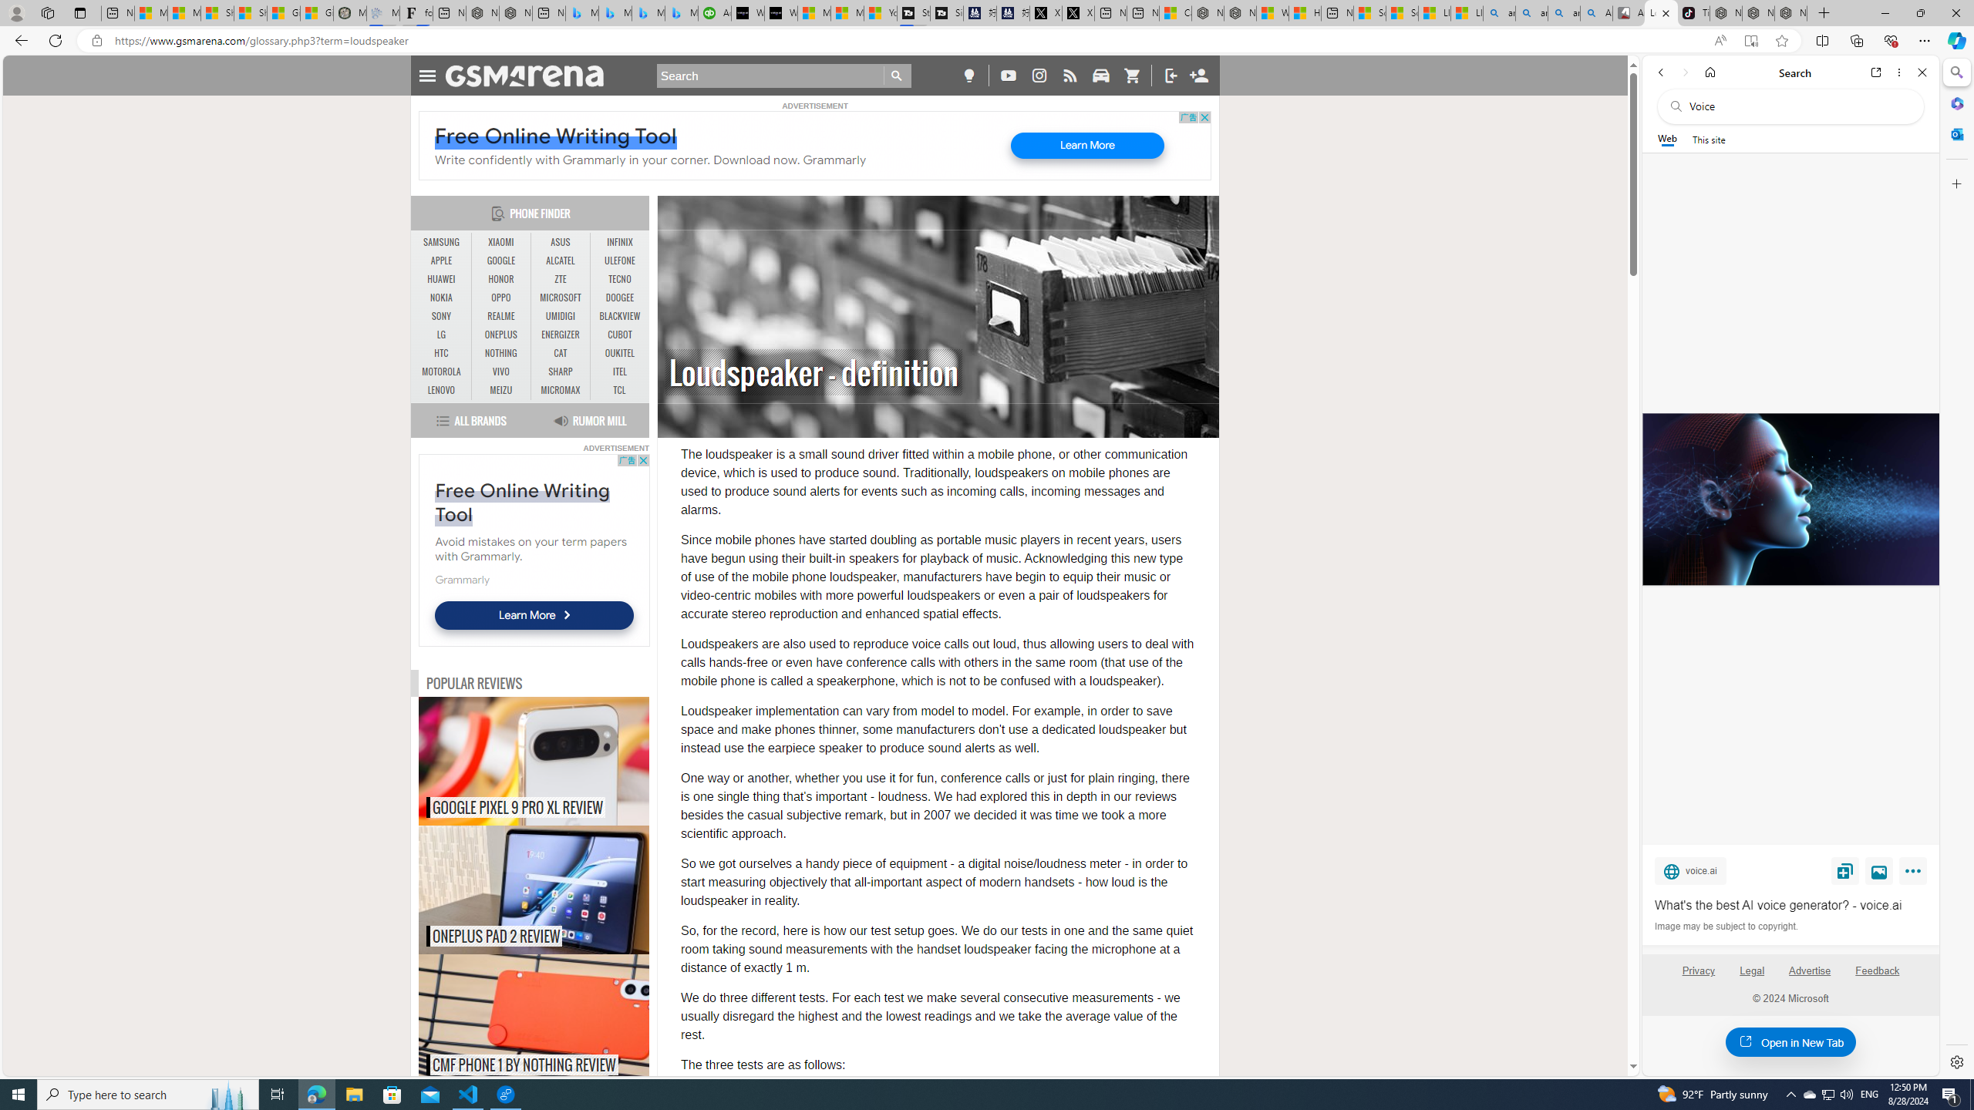  What do you see at coordinates (614, 12) in the screenshot?
I see `'Microsoft Bing Travel - Stays in Bangkok, Bangkok, Thailand'` at bounding box center [614, 12].